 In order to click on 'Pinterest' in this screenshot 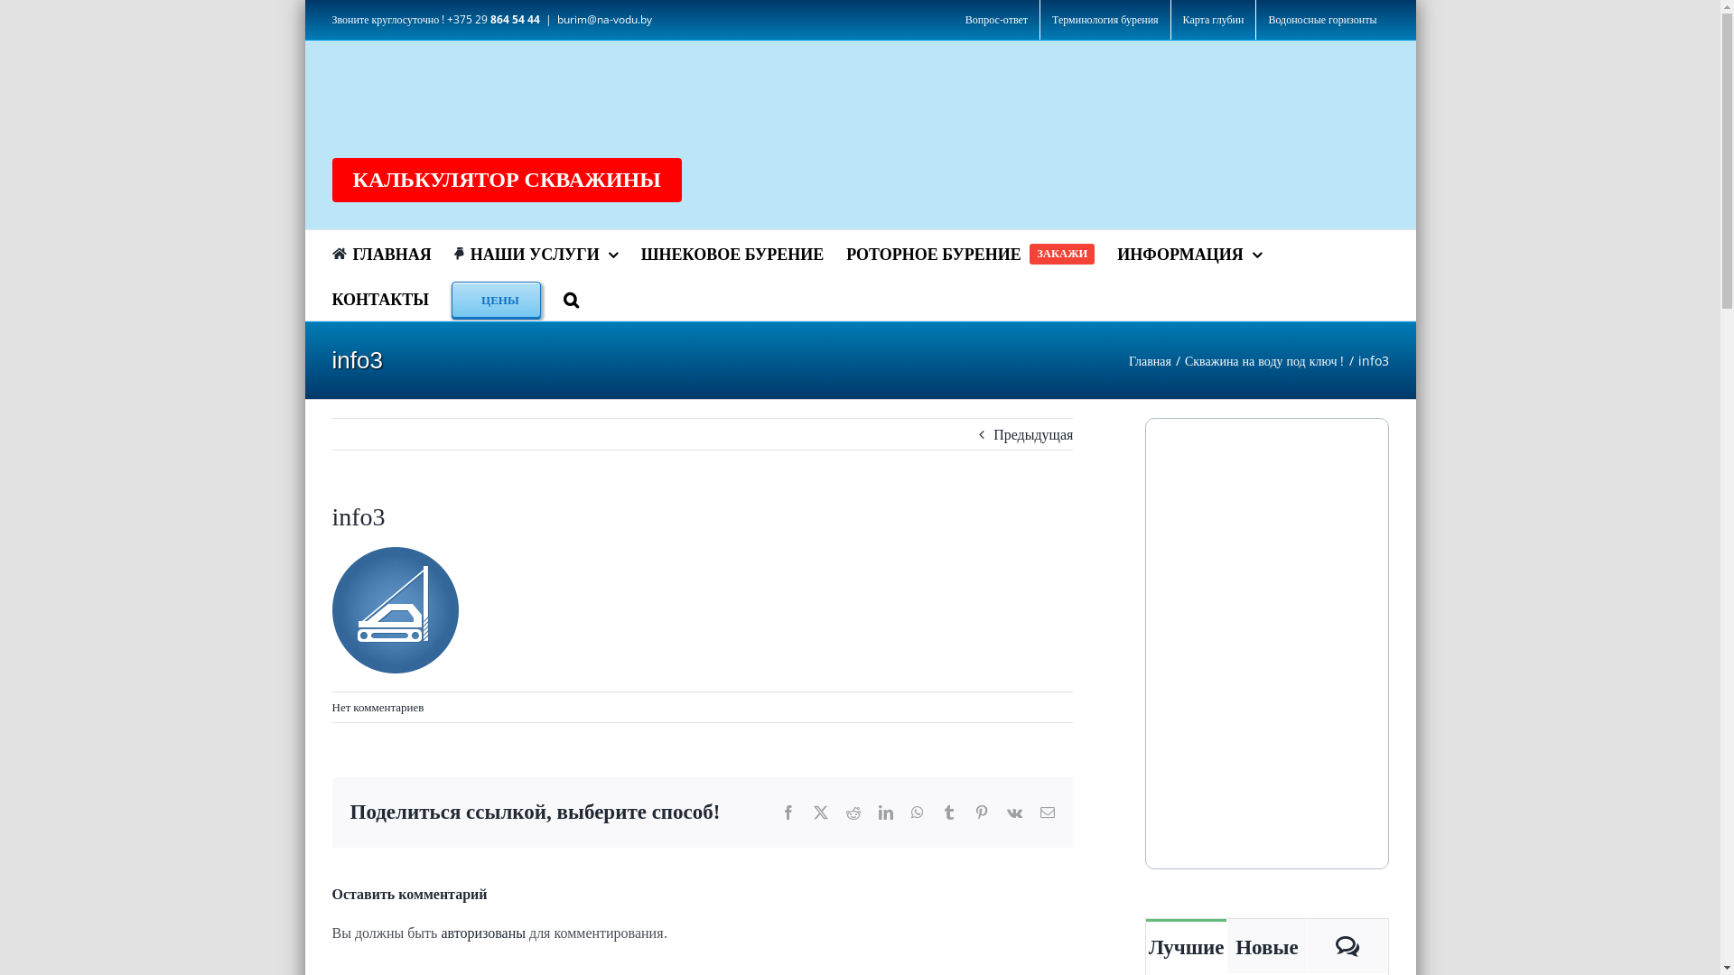, I will do `click(980, 811)`.